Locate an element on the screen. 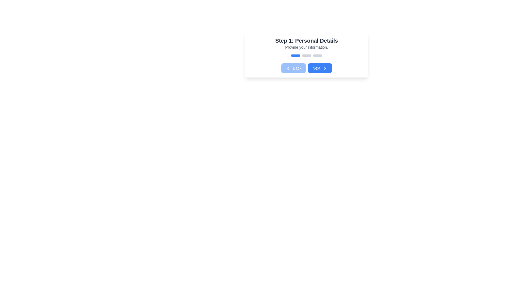  the 'Next' button icon to advance to the next step in the form interface is located at coordinates (325, 68).